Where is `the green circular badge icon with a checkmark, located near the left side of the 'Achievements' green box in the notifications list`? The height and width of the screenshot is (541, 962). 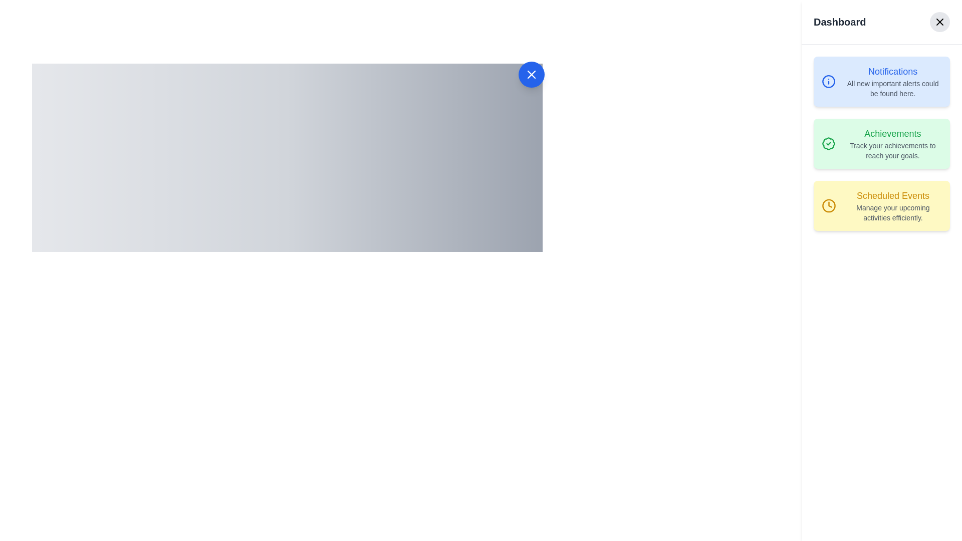
the green circular badge icon with a checkmark, located near the left side of the 'Achievements' green box in the notifications list is located at coordinates (828, 143).